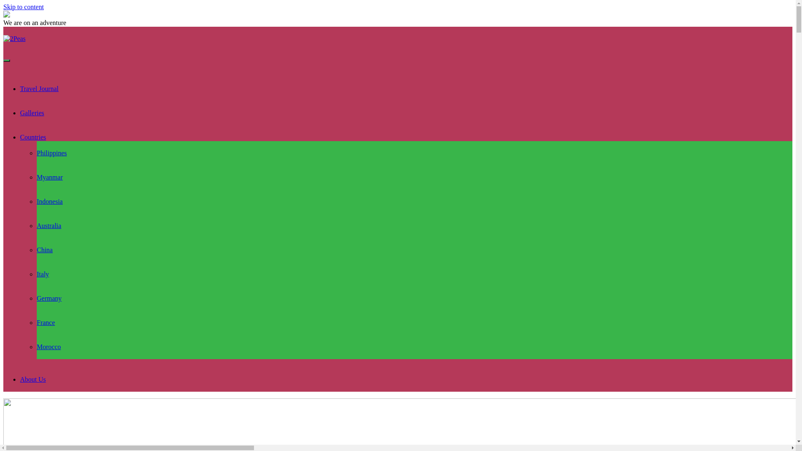  What do you see at coordinates (14, 38) in the screenshot?
I see `'2Peas'` at bounding box center [14, 38].